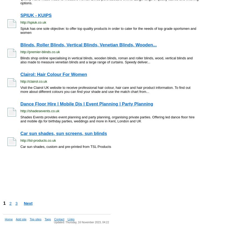 The height and width of the screenshot is (230, 232). I want to click on 'http://tsl-products.co.uk', so click(38, 140).